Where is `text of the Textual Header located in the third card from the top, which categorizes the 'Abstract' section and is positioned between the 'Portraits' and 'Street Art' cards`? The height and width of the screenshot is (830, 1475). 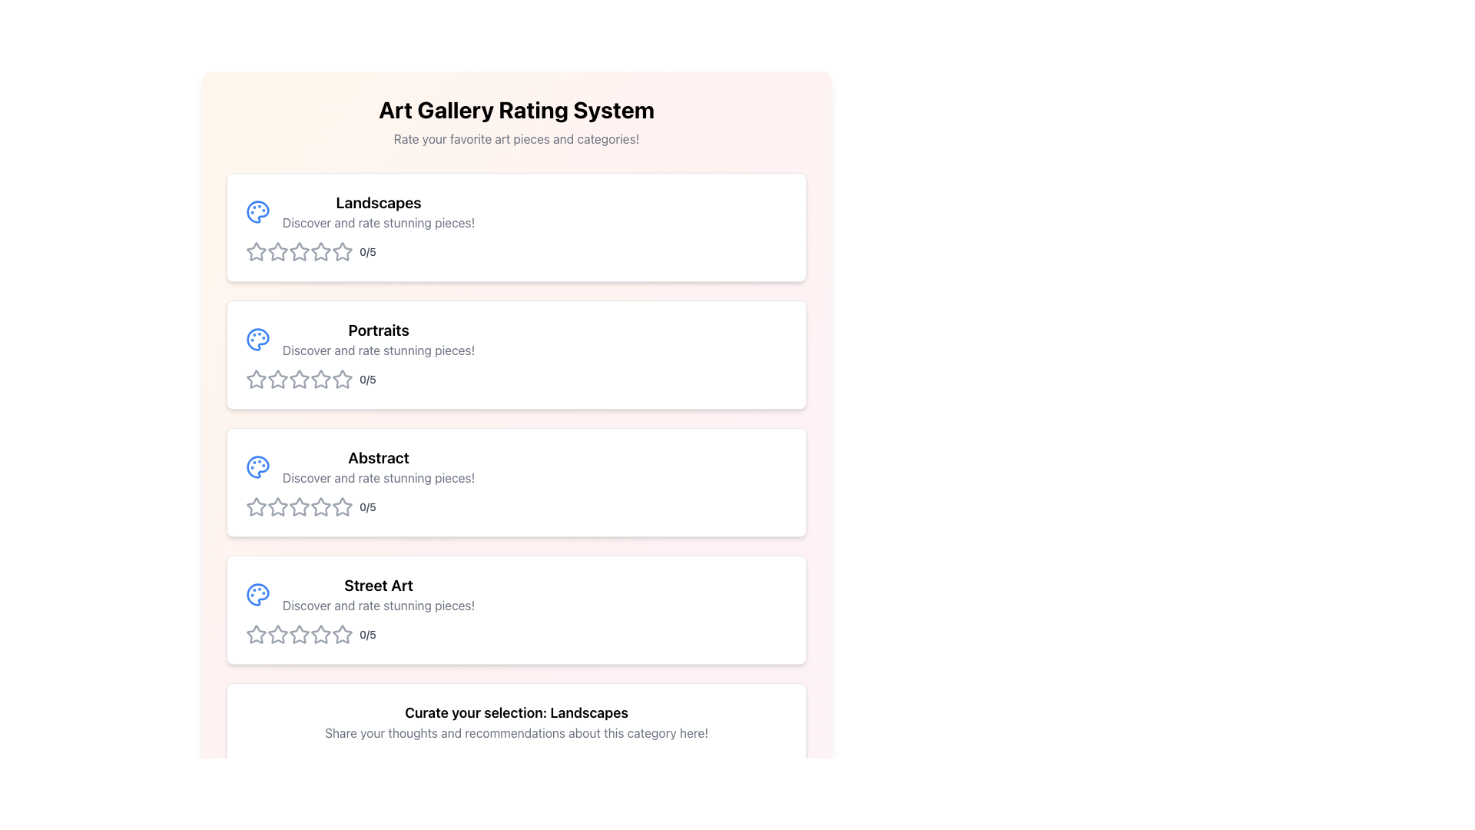 text of the Textual Header located in the third card from the top, which categorizes the 'Abstract' section and is positioned between the 'Portraits' and 'Street Art' cards is located at coordinates (379, 466).